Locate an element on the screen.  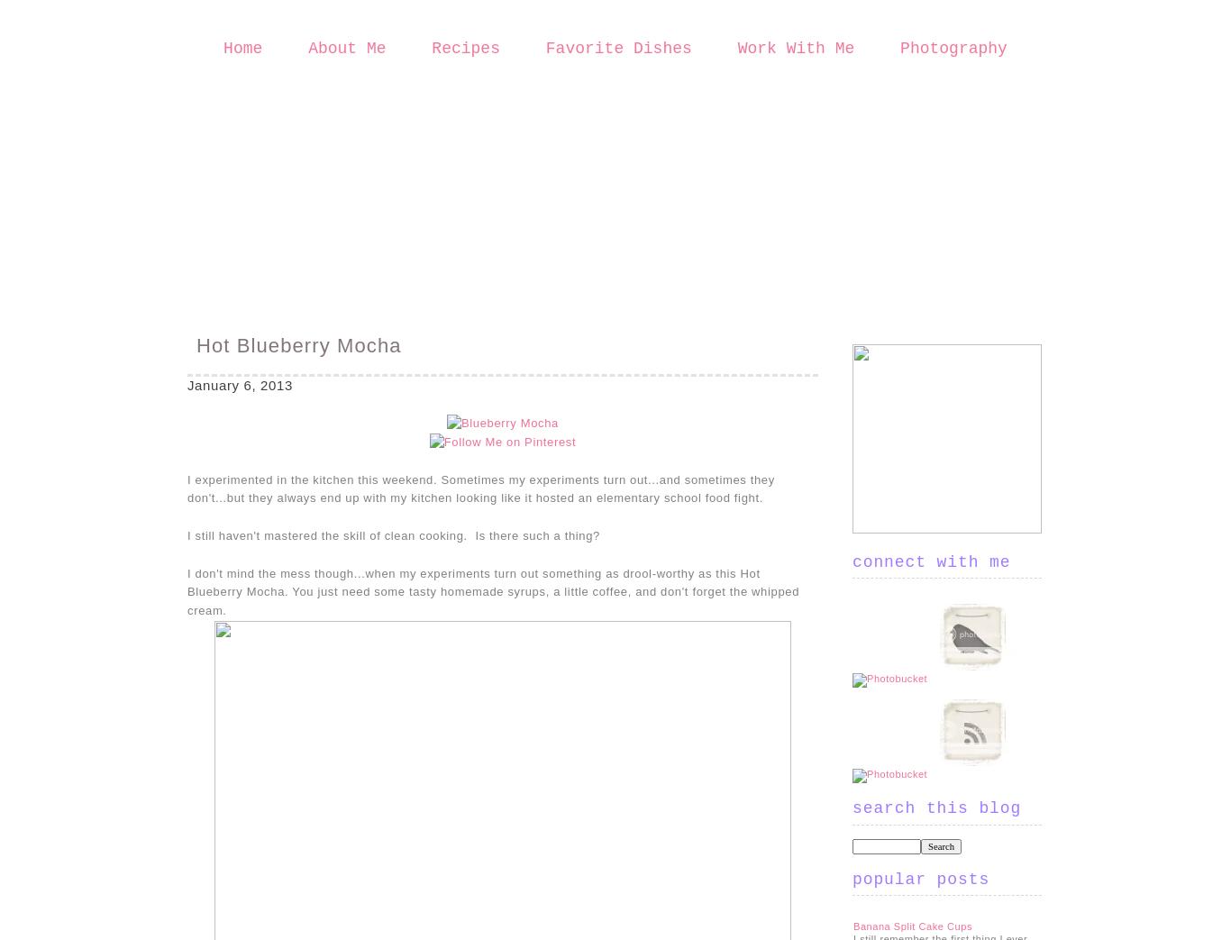
'Favorite Dishes' is located at coordinates (618, 48).